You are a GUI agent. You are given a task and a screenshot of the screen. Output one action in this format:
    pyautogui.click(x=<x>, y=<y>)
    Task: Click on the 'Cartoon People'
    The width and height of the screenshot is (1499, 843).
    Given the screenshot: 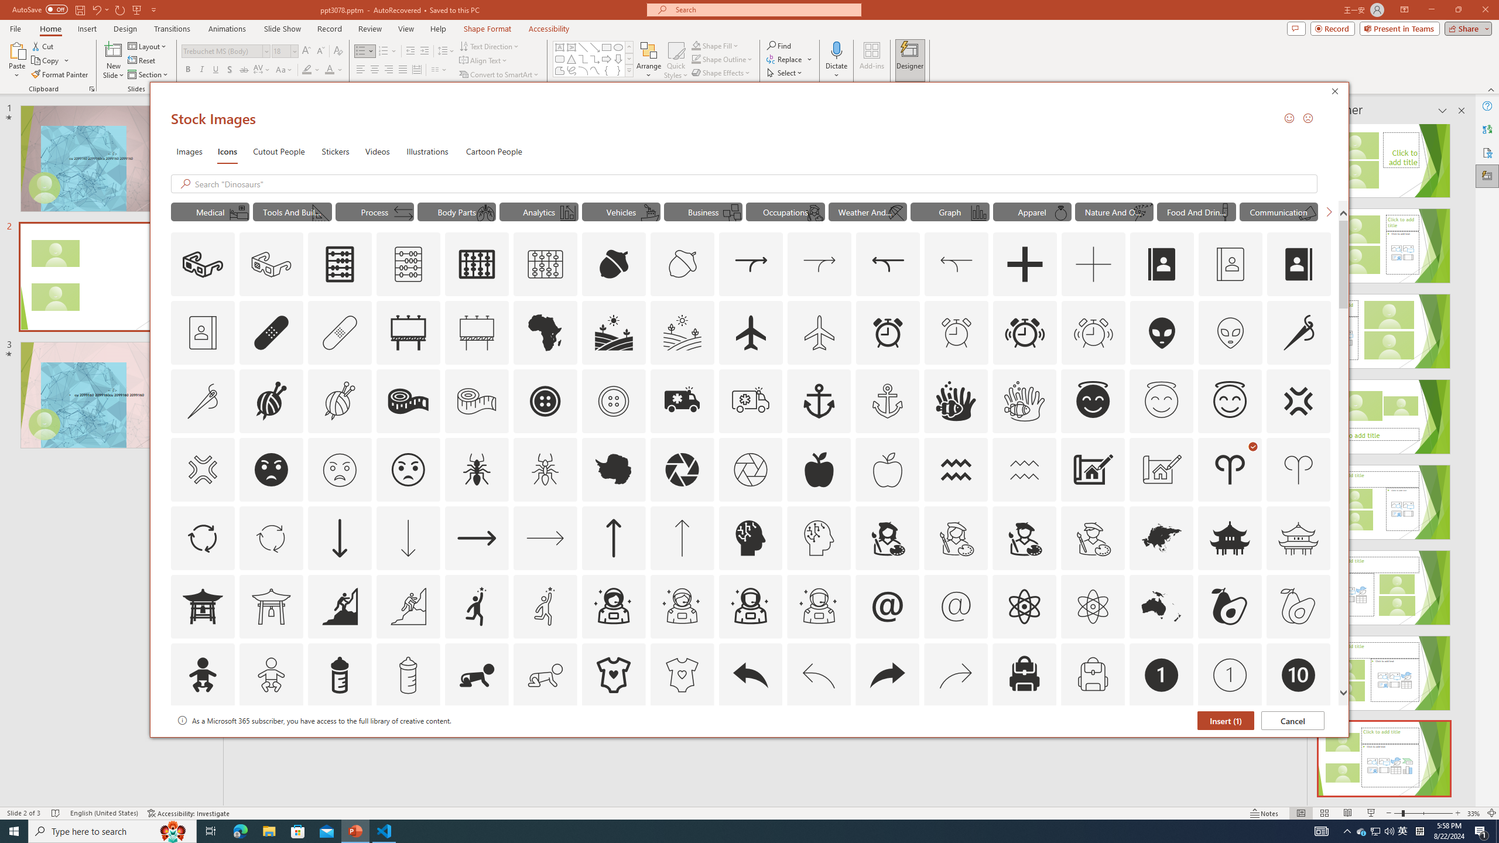 What is the action you would take?
    pyautogui.click(x=494, y=150)
    